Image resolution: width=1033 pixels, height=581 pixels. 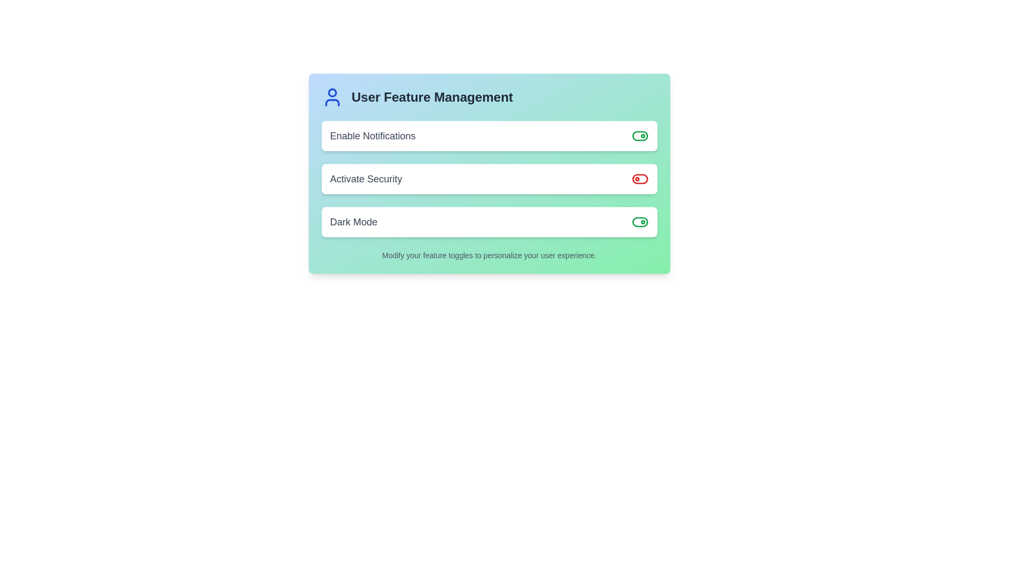 What do you see at coordinates (640, 136) in the screenshot?
I see `the appearance of the rounded rectangle toggle switch background styled in green, located next to the 'Dark Mode' text` at bounding box center [640, 136].